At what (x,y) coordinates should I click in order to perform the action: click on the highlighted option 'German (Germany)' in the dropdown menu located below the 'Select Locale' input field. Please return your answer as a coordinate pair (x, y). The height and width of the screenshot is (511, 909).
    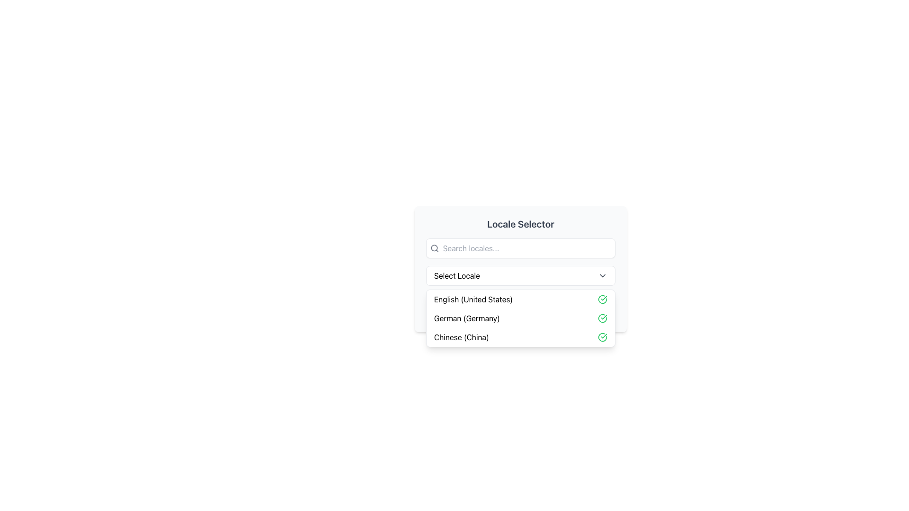
    Looking at the image, I should click on (520, 318).